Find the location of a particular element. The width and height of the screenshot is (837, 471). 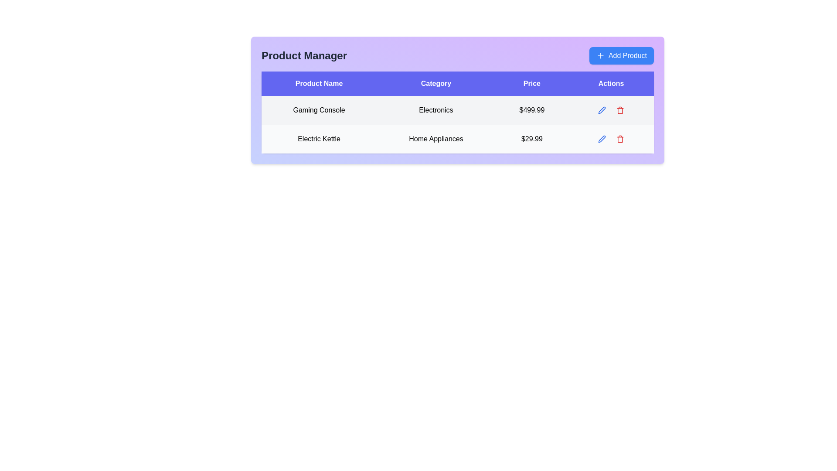

the 'Electric Kettle' text label in the second row of the table under the 'Product Name' column is located at coordinates (319, 139).